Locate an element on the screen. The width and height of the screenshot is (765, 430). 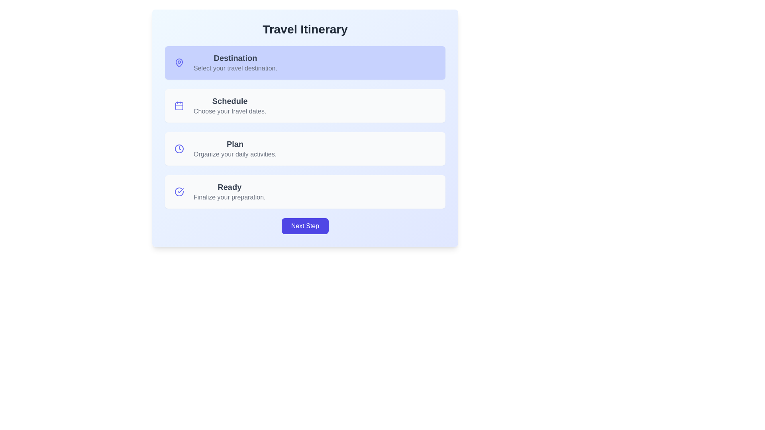
the calendar icon located at the far left of the 'Schedule' section, which is designed with a modern, minimalistic square outline and vertical lines for the days of the week is located at coordinates (179, 106).